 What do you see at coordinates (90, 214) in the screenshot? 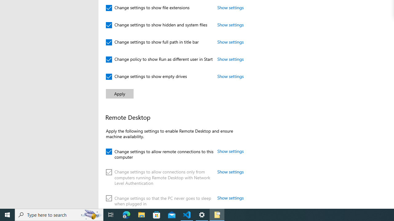
I see `'Search highlights icon opens search home window'` at bounding box center [90, 214].